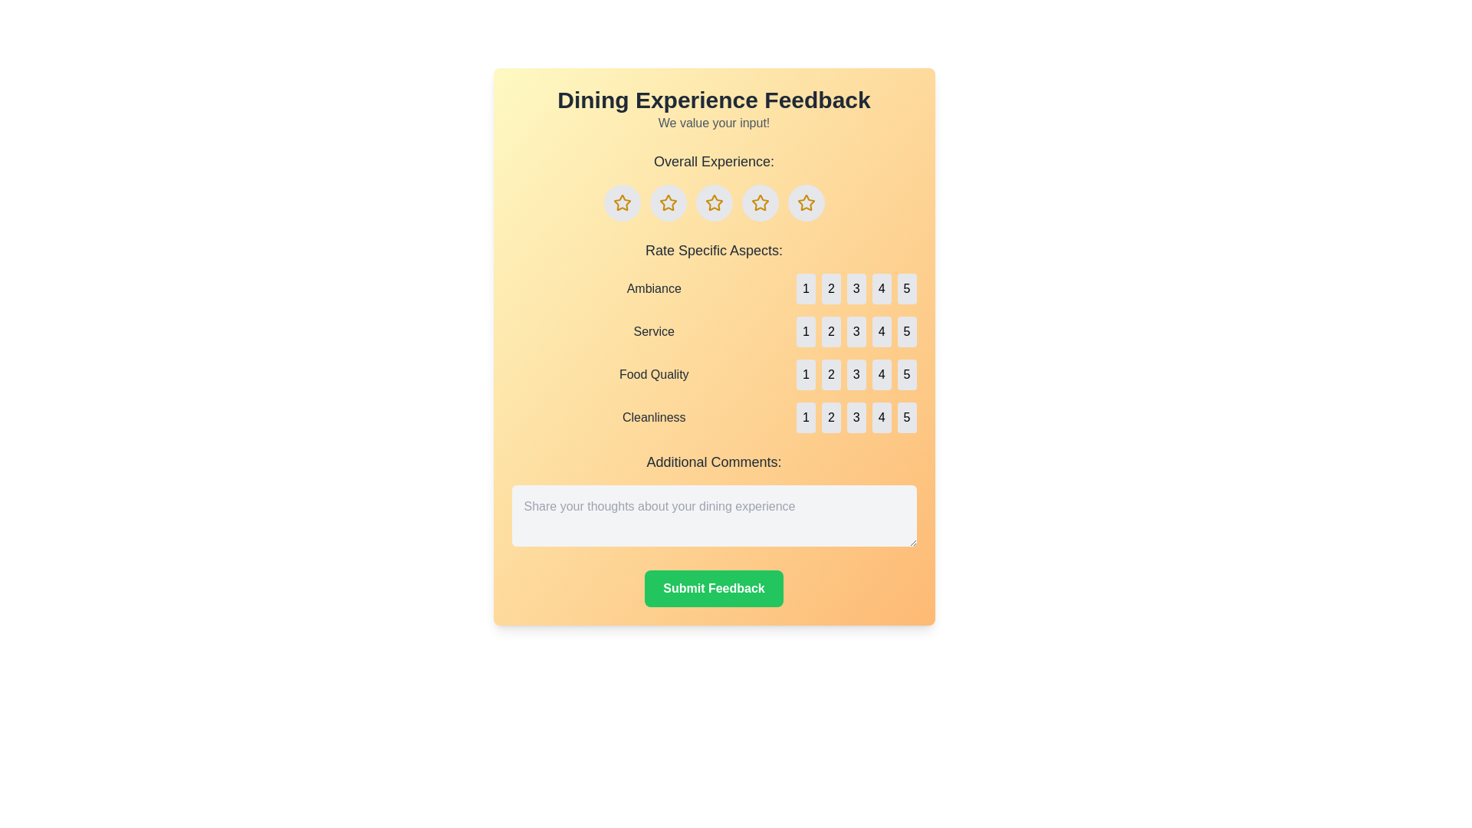 Image resolution: width=1472 pixels, height=828 pixels. Describe the element at coordinates (805, 417) in the screenshot. I see `the first cleanliness rating button labeled '1'` at that location.